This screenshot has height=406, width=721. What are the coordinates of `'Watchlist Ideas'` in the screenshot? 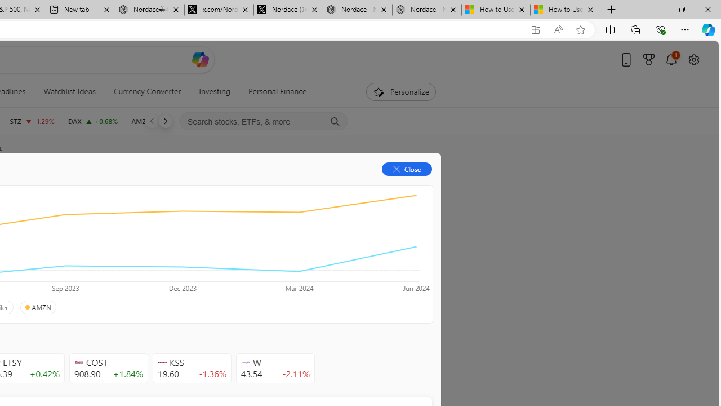 It's located at (69, 91).